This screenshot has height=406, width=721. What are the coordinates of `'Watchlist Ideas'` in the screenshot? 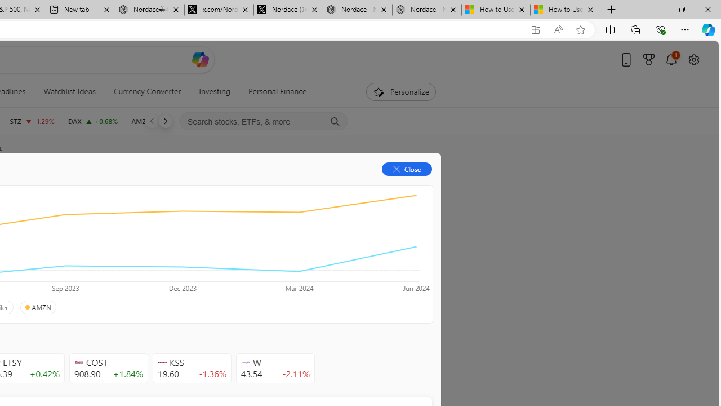 It's located at (69, 91).